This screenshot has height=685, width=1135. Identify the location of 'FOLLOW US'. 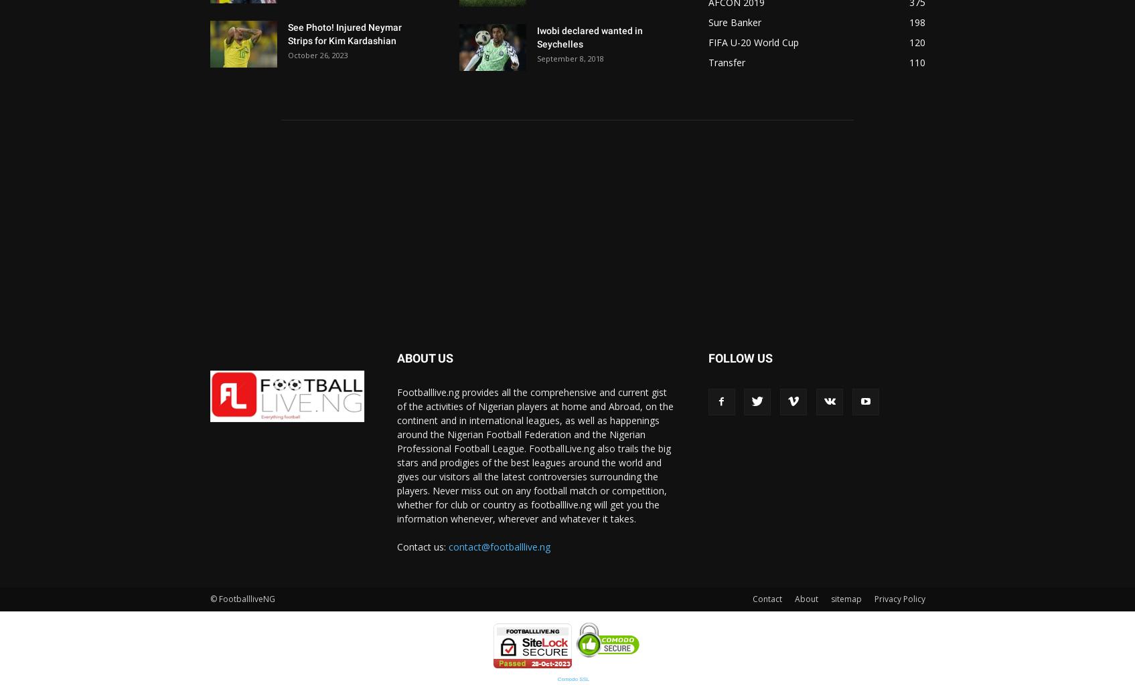
(739, 358).